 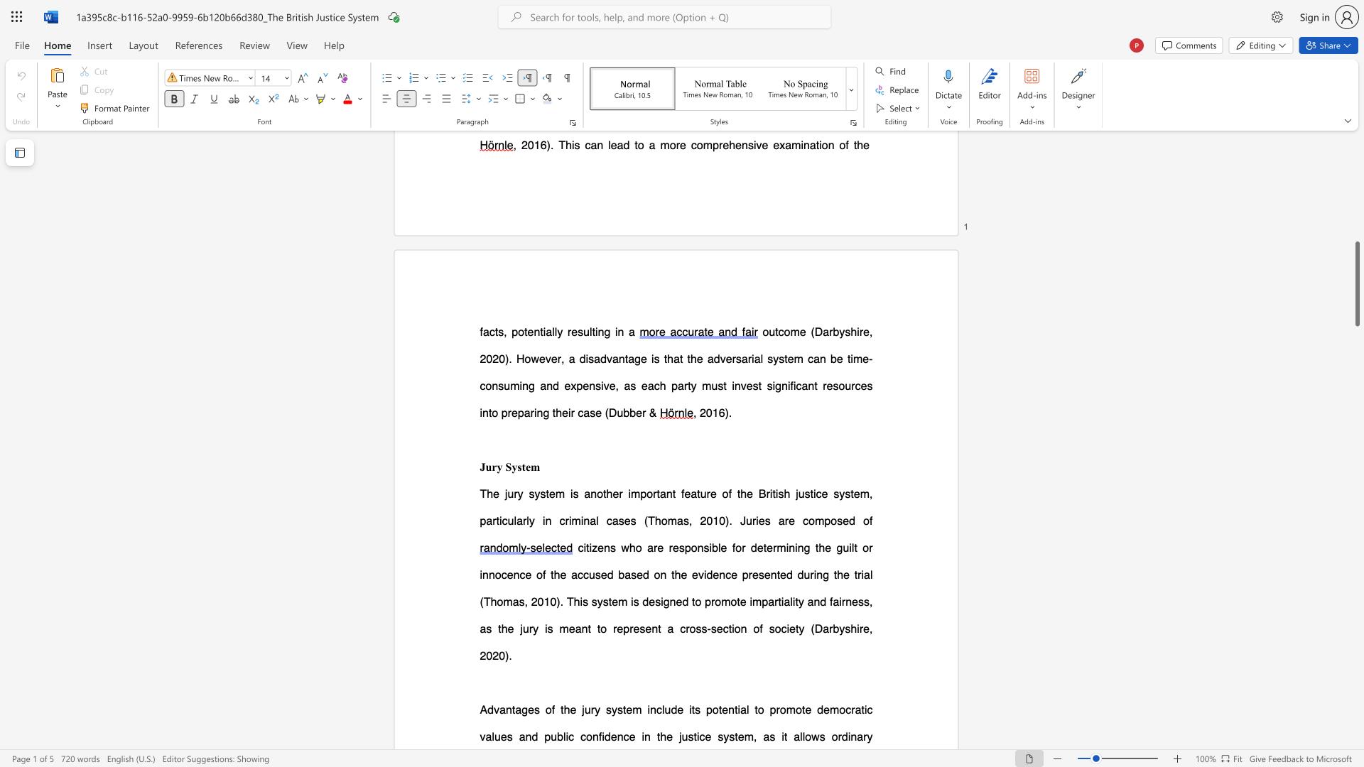 I want to click on the subset text "ni" within the text "determining", so click(x=788, y=547).